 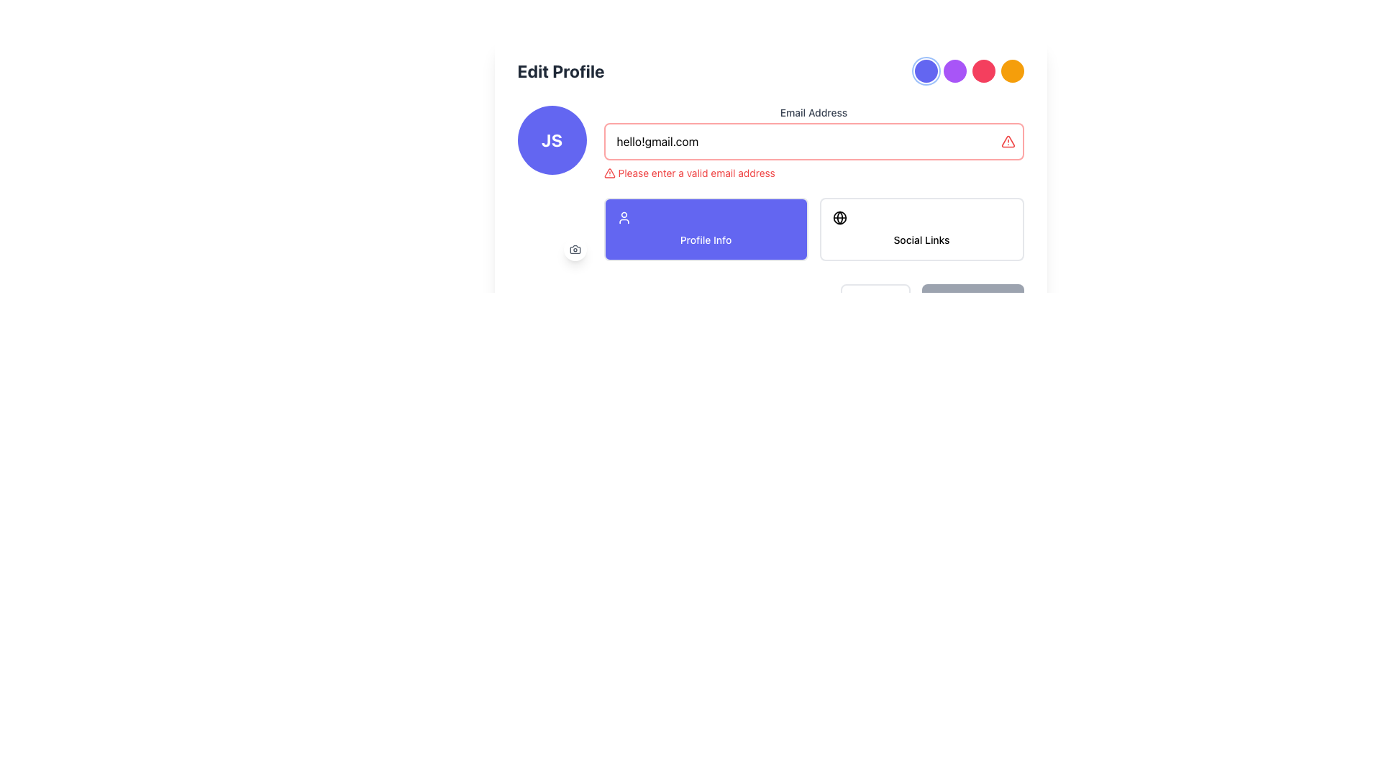 I want to click on text element labeled 'Profile Info' which is positioned within a button-like component on the left side of the interface, so click(x=706, y=239).